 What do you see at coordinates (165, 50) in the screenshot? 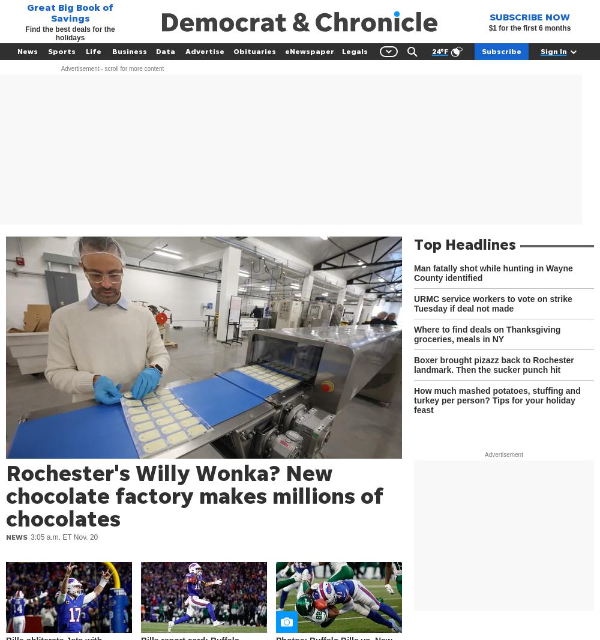
I see `'Data'` at bounding box center [165, 50].